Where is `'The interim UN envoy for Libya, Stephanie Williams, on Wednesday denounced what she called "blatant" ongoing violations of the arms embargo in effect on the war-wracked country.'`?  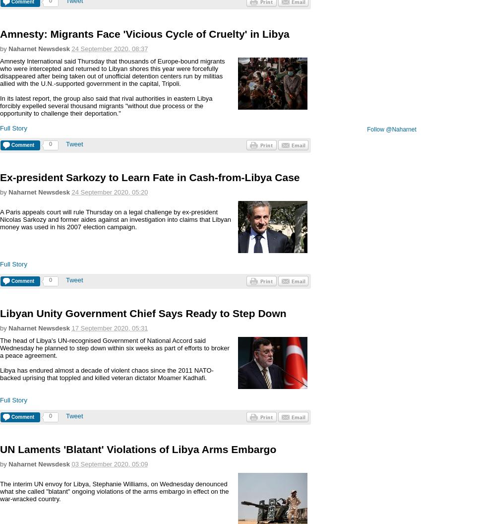
'The interim UN envoy for Libya, Stephanie Williams, on Wednesday denounced what she called "blatant" ongoing violations of the arms embargo in effect on the war-wracked country.' is located at coordinates (114, 491).